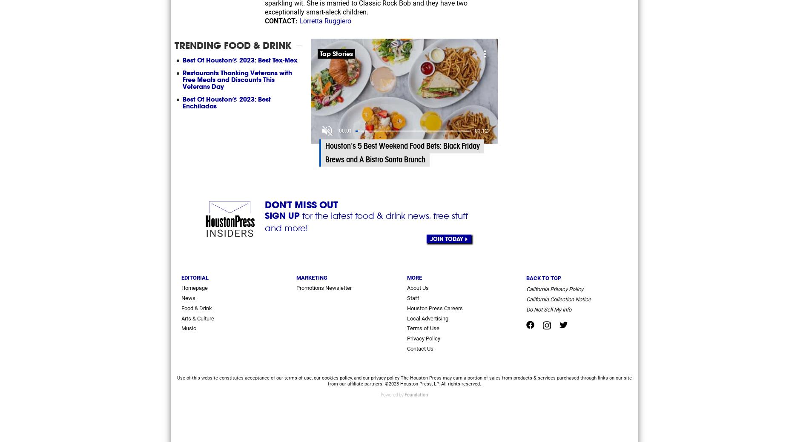 The image size is (809, 442). What do you see at coordinates (311, 278) in the screenshot?
I see `'Marketing'` at bounding box center [311, 278].